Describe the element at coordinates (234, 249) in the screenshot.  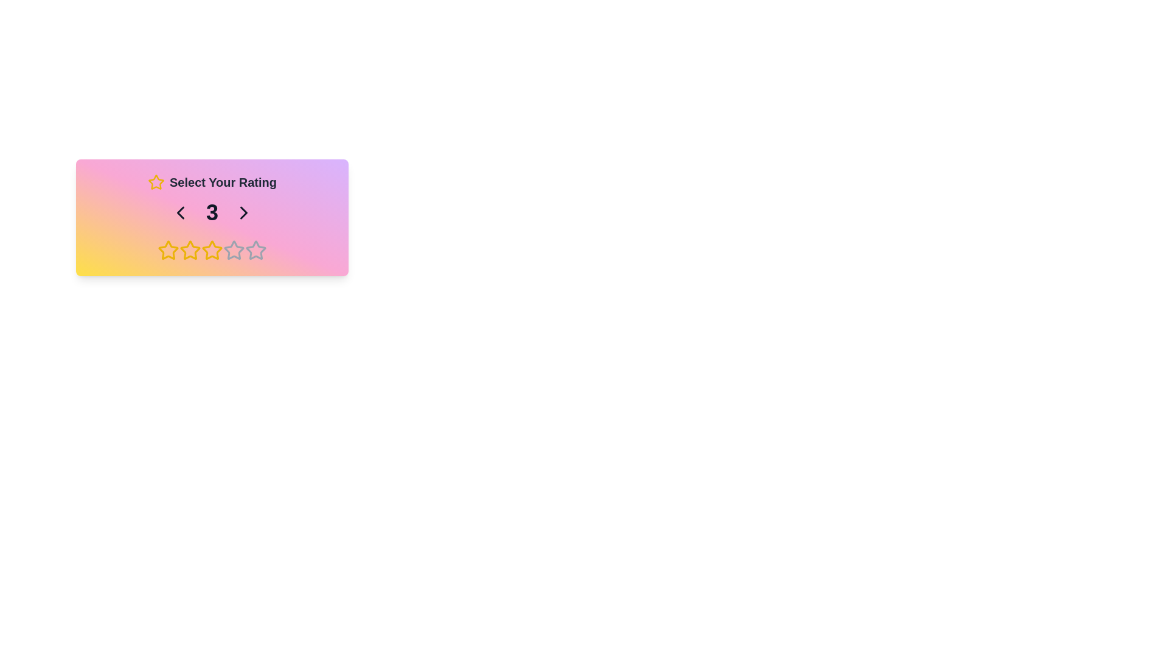
I see `the third star in the horizontal sequence of five stars` at that location.